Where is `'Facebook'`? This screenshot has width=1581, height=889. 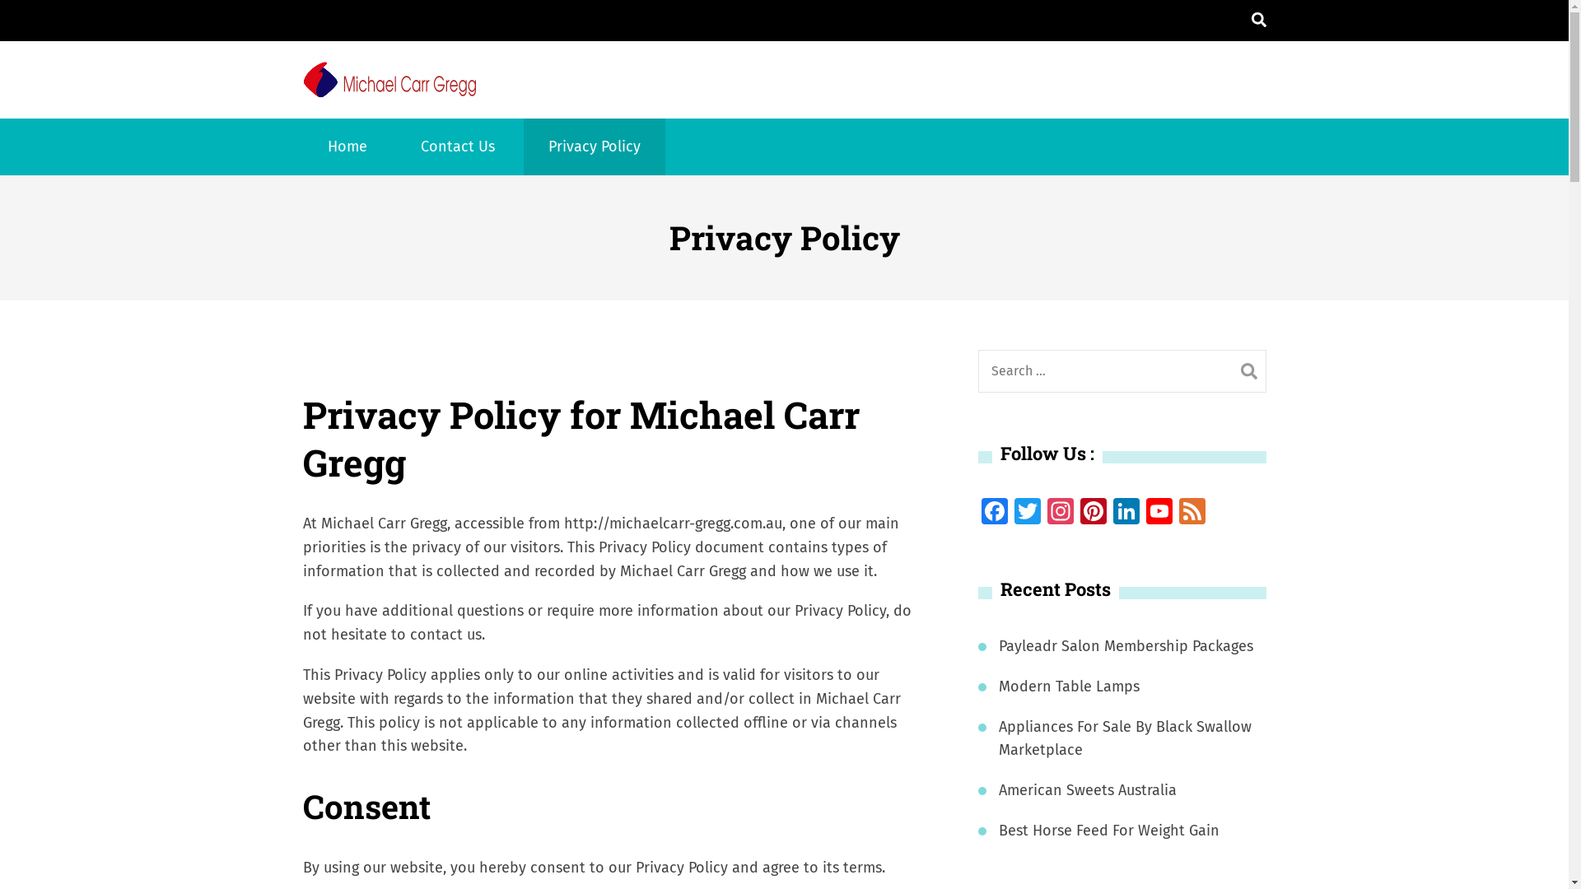
'Facebook' is located at coordinates (994, 512).